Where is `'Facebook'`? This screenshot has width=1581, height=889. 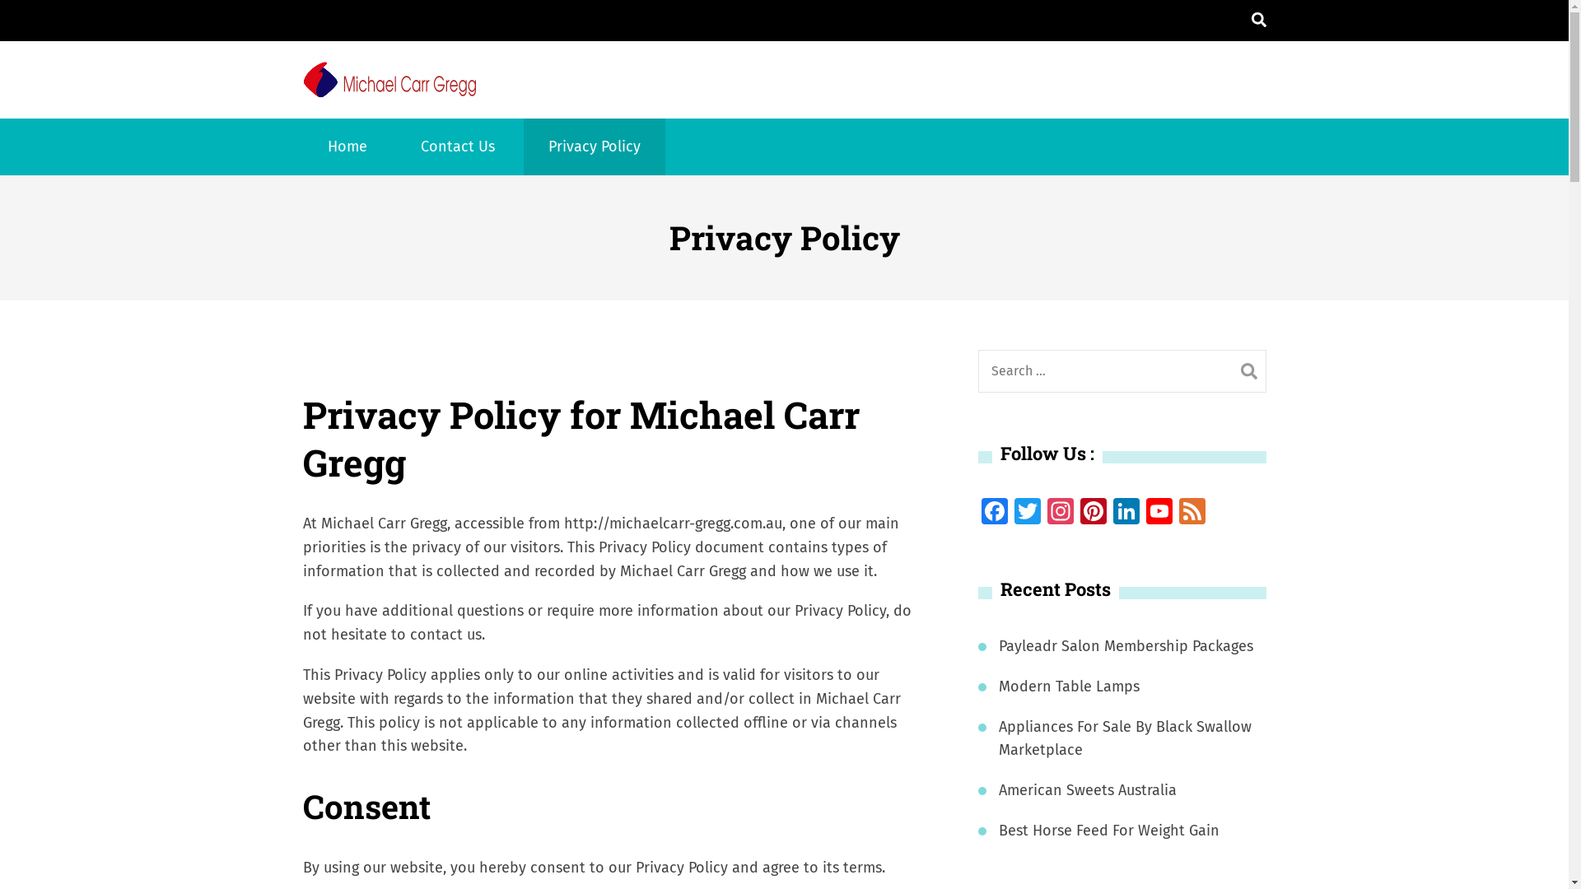
'Facebook' is located at coordinates (994, 512).